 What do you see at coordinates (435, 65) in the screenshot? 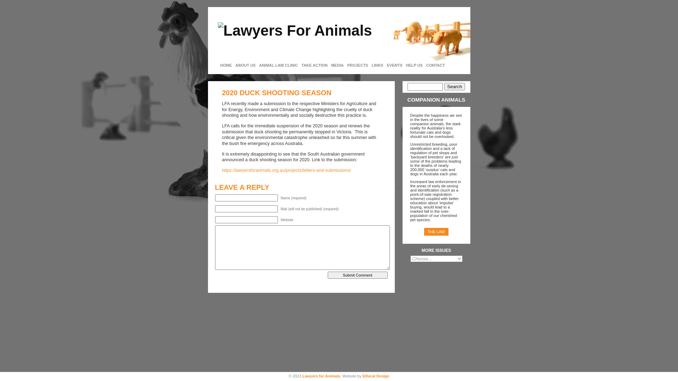
I see `'CONTACT'` at bounding box center [435, 65].